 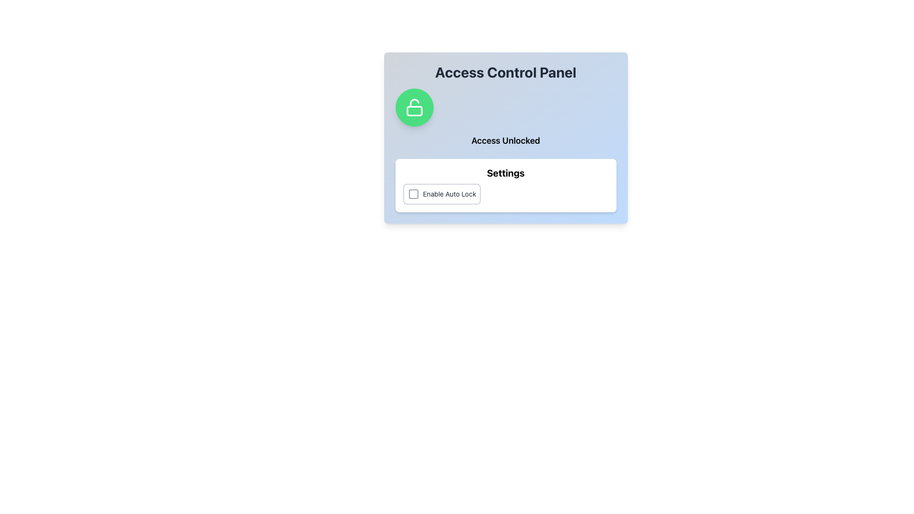 I want to click on the unlocked access state icon located inside the green circular button at the top-left corner of the 'Access Control Panel' card, so click(x=414, y=107).